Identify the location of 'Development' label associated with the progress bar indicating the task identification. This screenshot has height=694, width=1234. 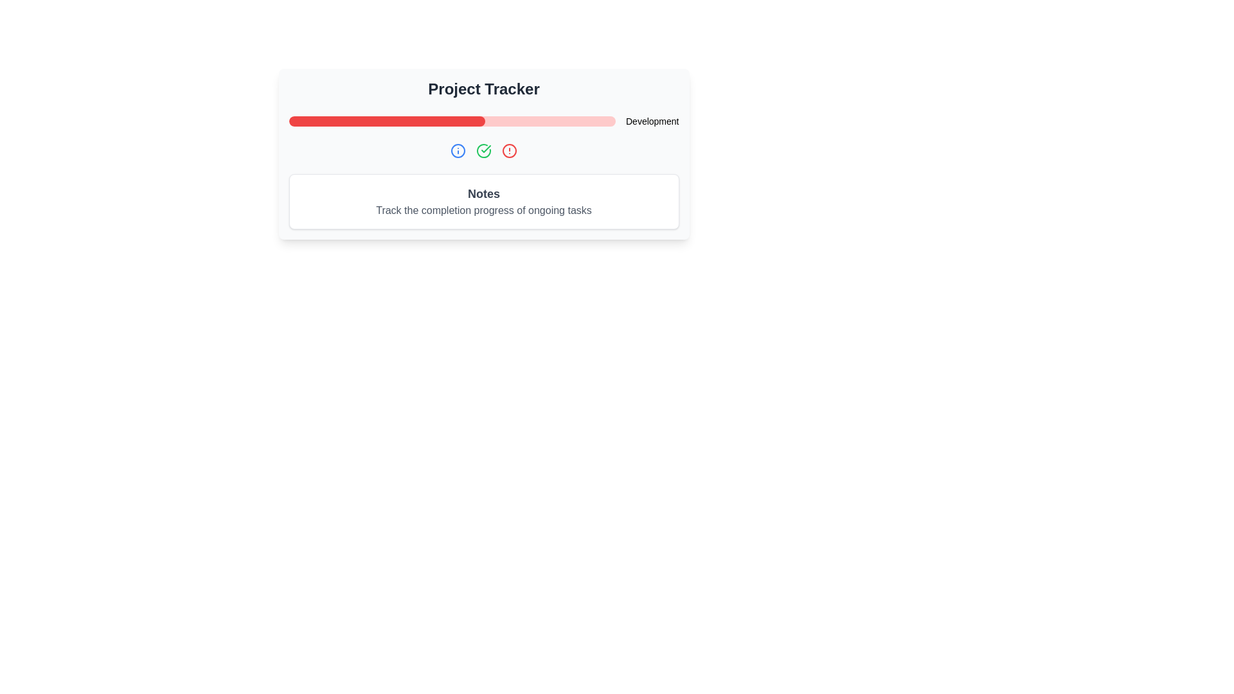
(483, 121).